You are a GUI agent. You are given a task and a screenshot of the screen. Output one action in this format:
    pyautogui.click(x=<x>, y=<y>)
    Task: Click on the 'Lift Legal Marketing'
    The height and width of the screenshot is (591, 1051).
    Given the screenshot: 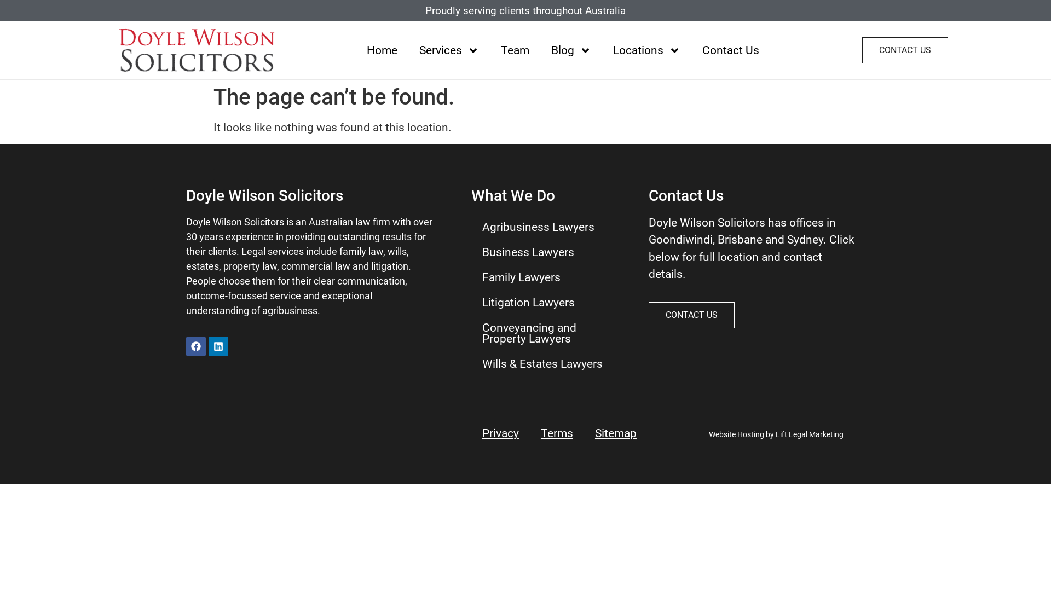 What is the action you would take?
    pyautogui.click(x=809, y=434)
    